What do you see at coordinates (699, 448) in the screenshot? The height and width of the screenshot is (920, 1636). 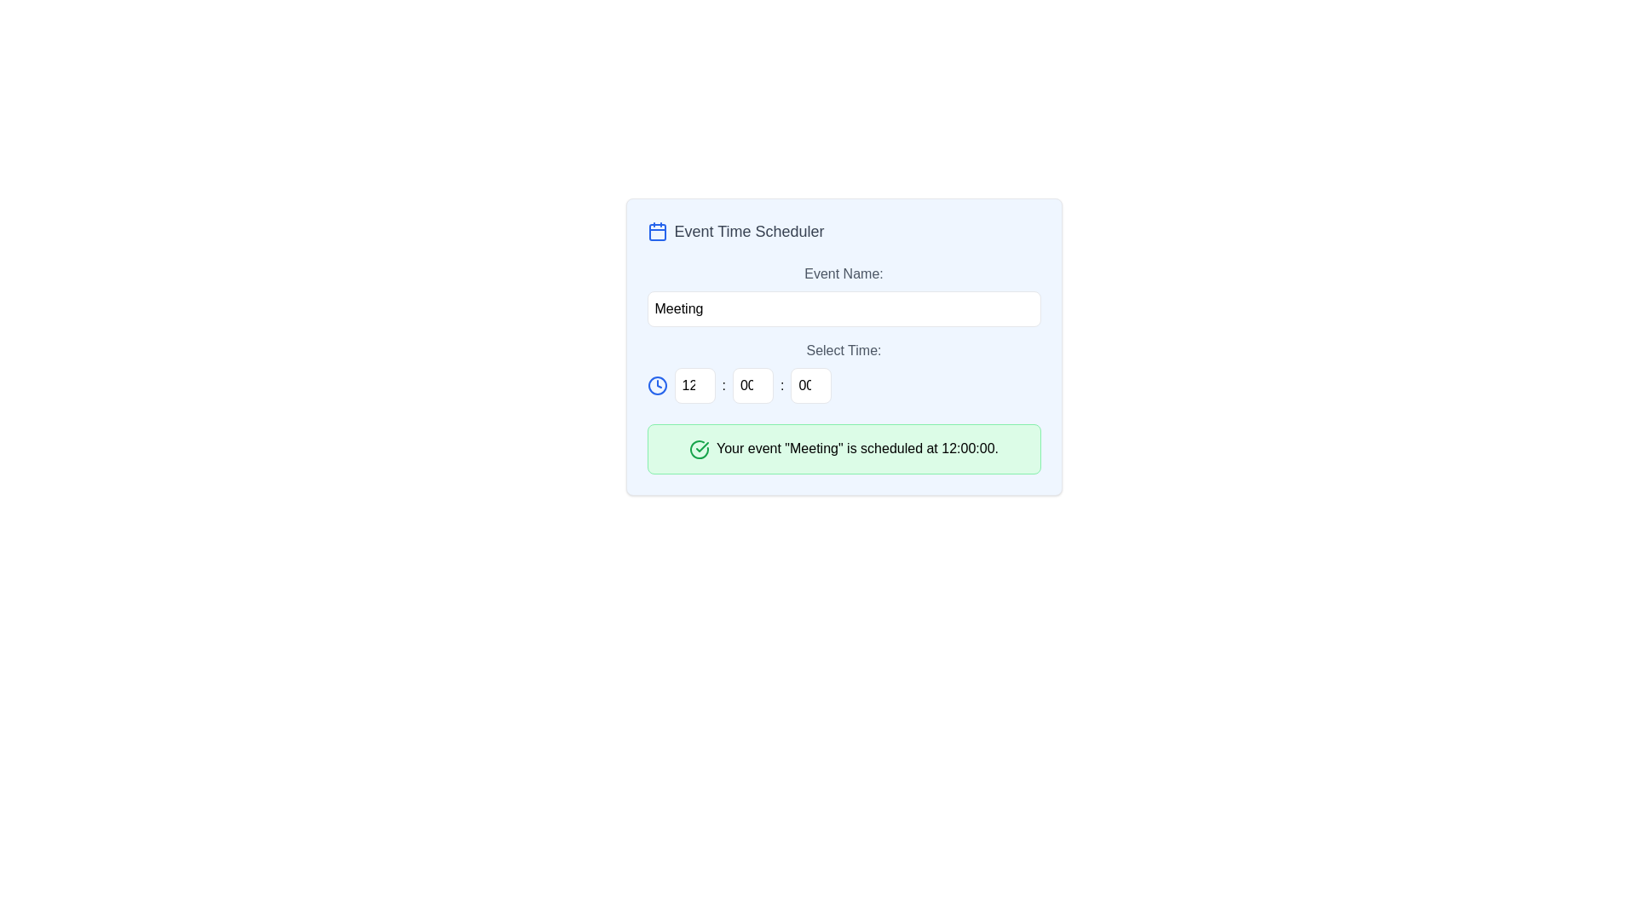 I see `the left section of the tick mark icon within the SVG that indicates scheduling confirmation in the notification box` at bounding box center [699, 448].